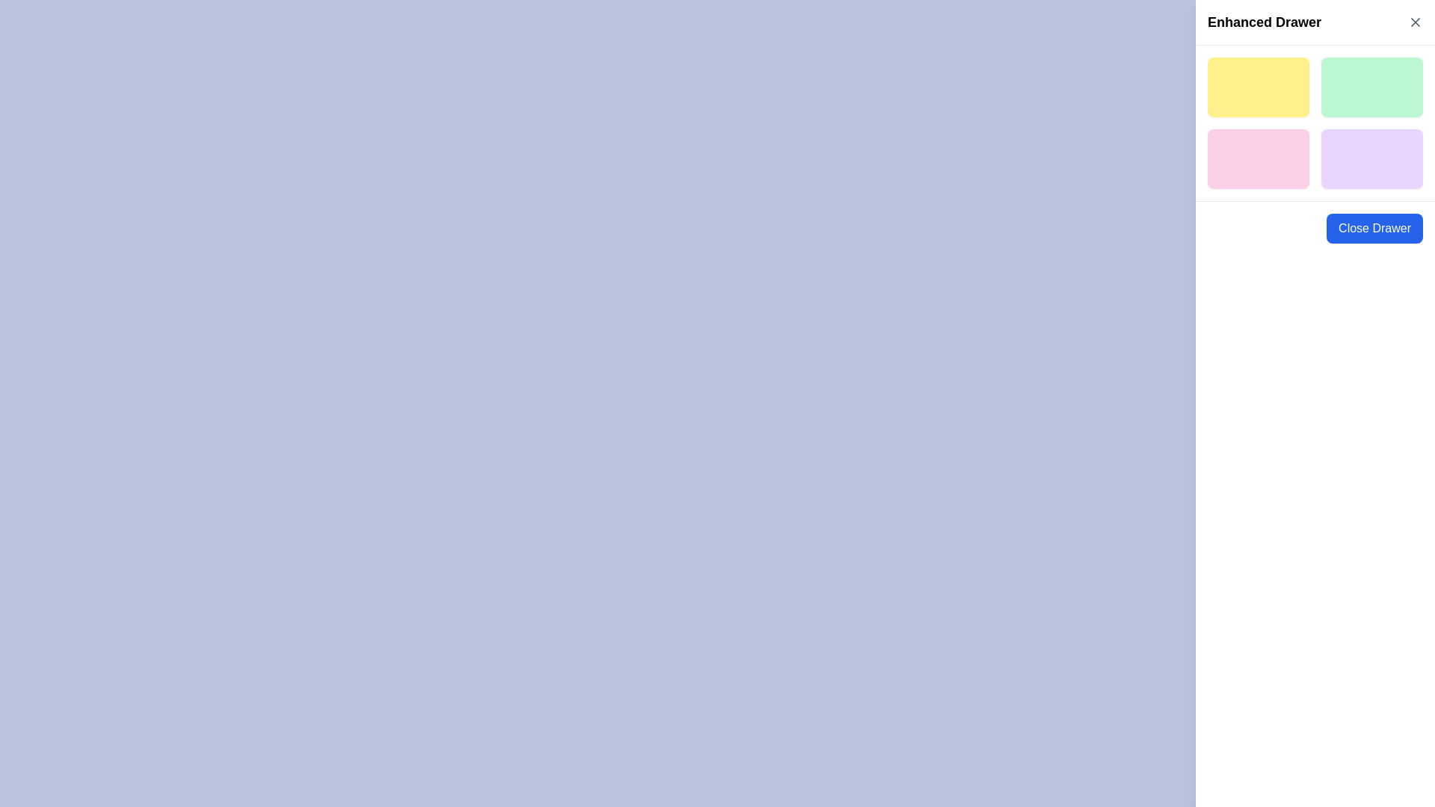 Image resolution: width=1435 pixels, height=807 pixels. I want to click on the rectangular-shaped light pink decorative block located in the bottom-left cell of a 2x2 grid layout, which is positioned below a yellow box and to the left of a purple box, so click(1258, 158).